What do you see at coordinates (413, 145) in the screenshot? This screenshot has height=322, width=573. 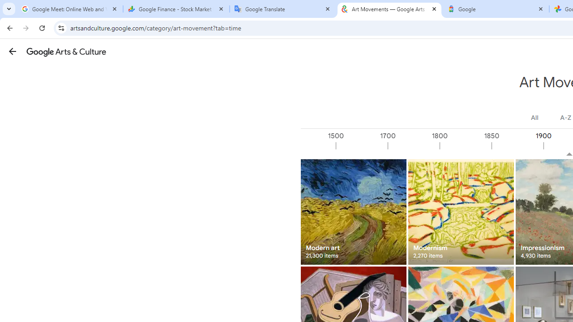 I see `'1700'` at bounding box center [413, 145].